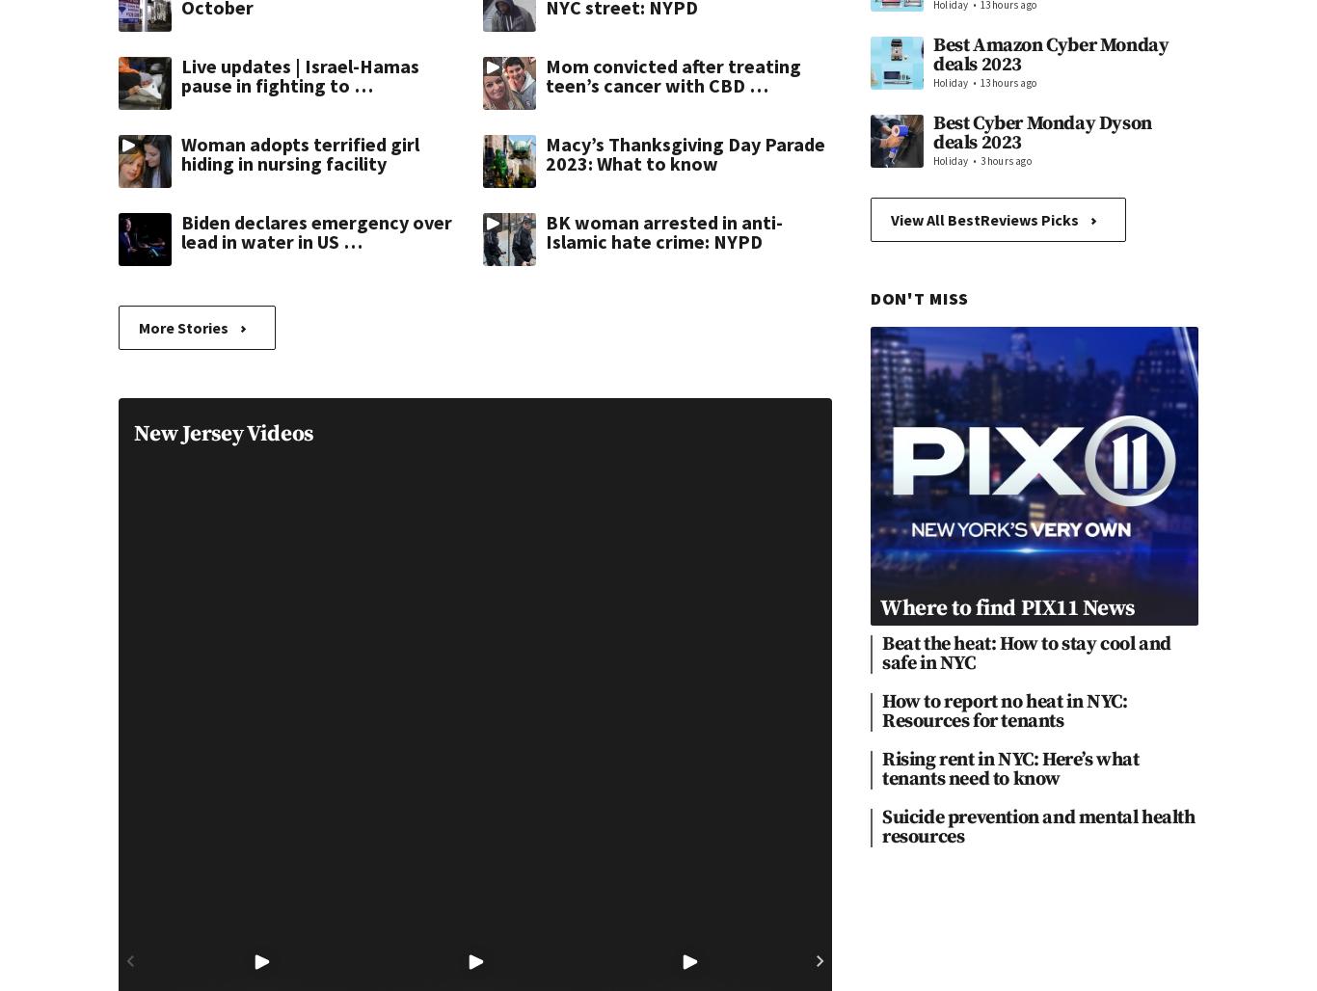 Image resolution: width=1317 pixels, height=991 pixels. Describe the element at coordinates (1006, 606) in the screenshot. I see `'Where to find PIX11 News'` at that location.